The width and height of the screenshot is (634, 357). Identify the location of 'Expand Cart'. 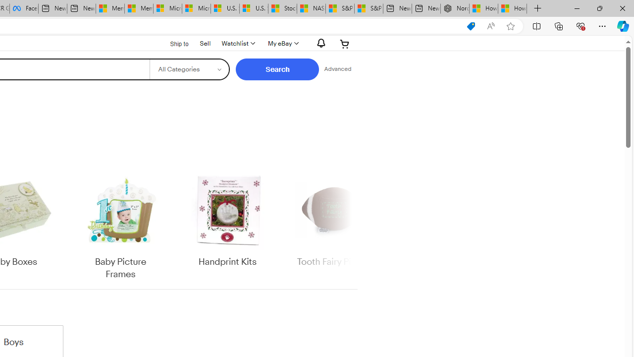
(345, 43).